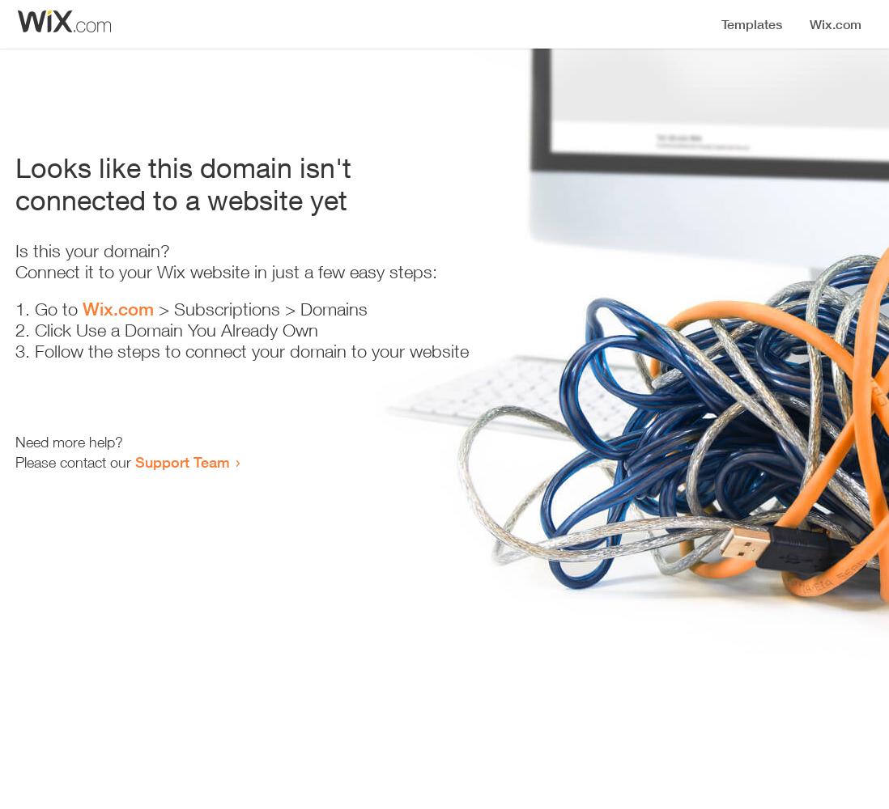 This screenshot has height=809, width=889. Describe the element at coordinates (175, 330) in the screenshot. I see `'Click Use a Domain You Already Own'` at that location.